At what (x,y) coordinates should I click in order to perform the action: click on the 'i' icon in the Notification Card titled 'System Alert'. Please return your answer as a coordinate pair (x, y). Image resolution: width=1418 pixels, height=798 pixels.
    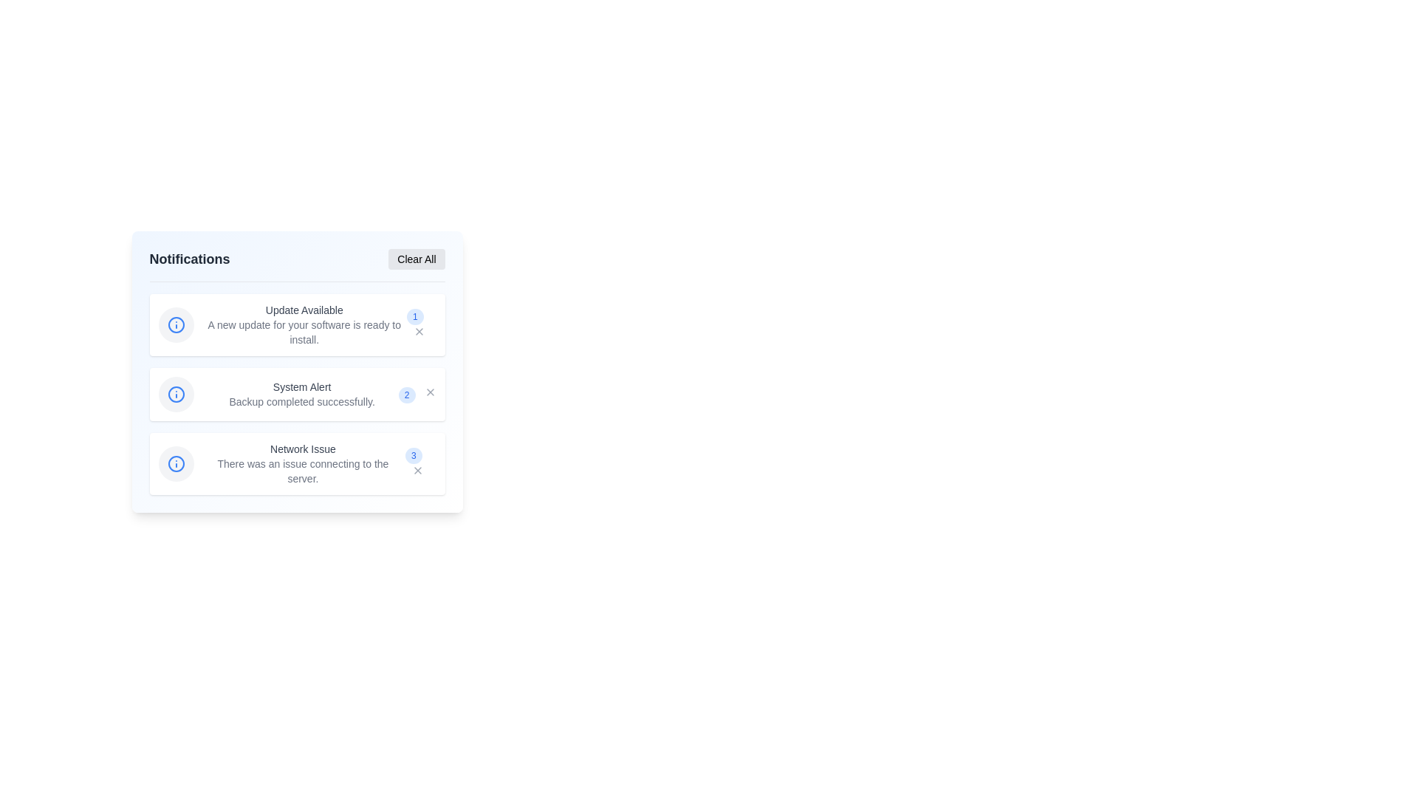
    Looking at the image, I should click on (296, 393).